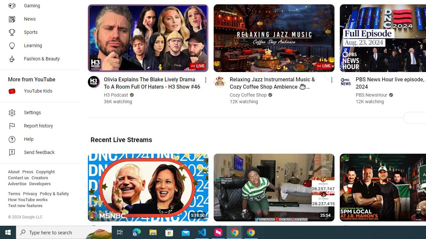  Describe the element at coordinates (17, 184) in the screenshot. I see `'Advertise'` at that location.